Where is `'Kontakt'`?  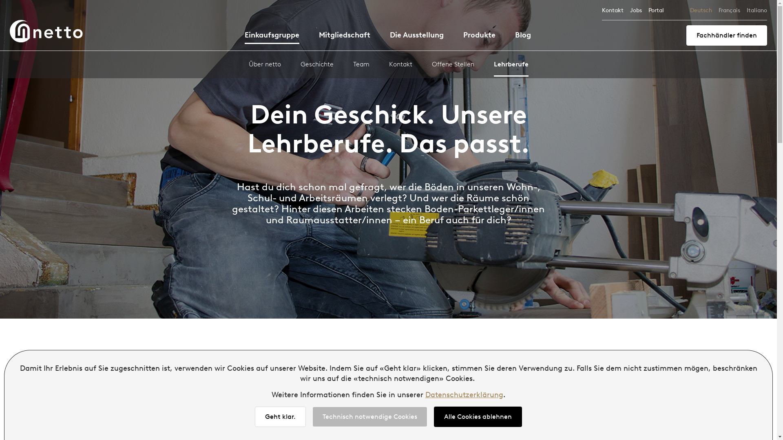 'Kontakt' is located at coordinates (389, 67).